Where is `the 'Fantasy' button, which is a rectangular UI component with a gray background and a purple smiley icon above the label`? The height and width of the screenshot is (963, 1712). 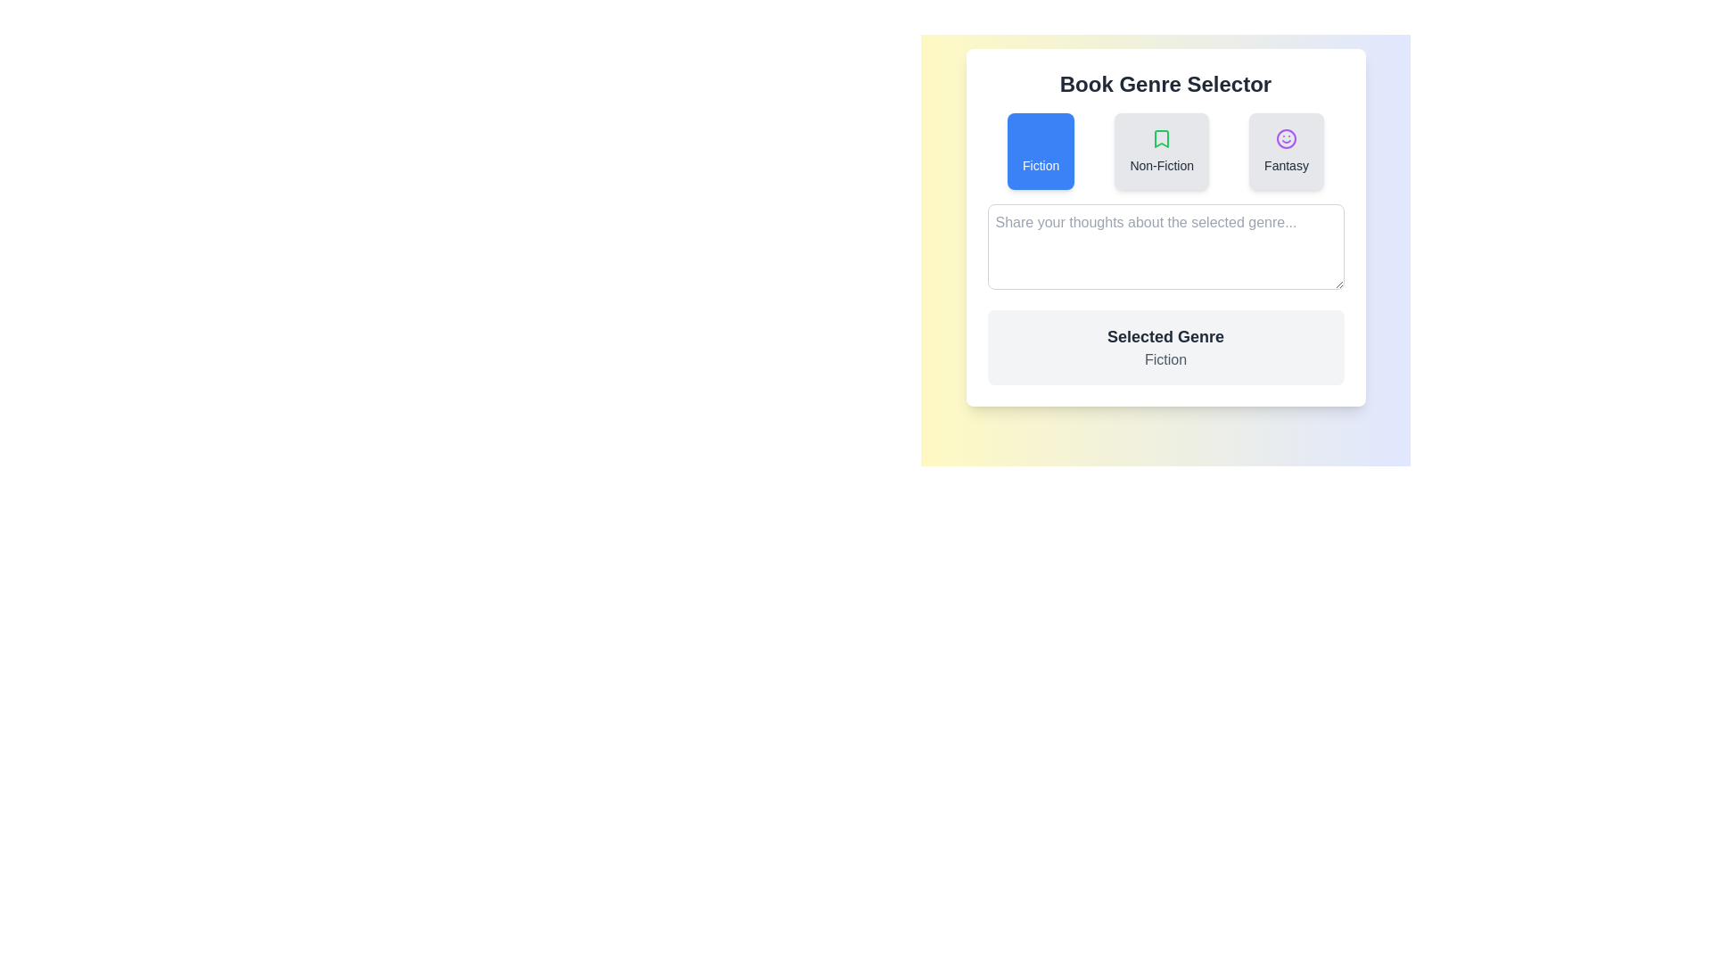 the 'Fantasy' button, which is a rectangular UI component with a gray background and a purple smiley icon above the label is located at coordinates (1287, 150).